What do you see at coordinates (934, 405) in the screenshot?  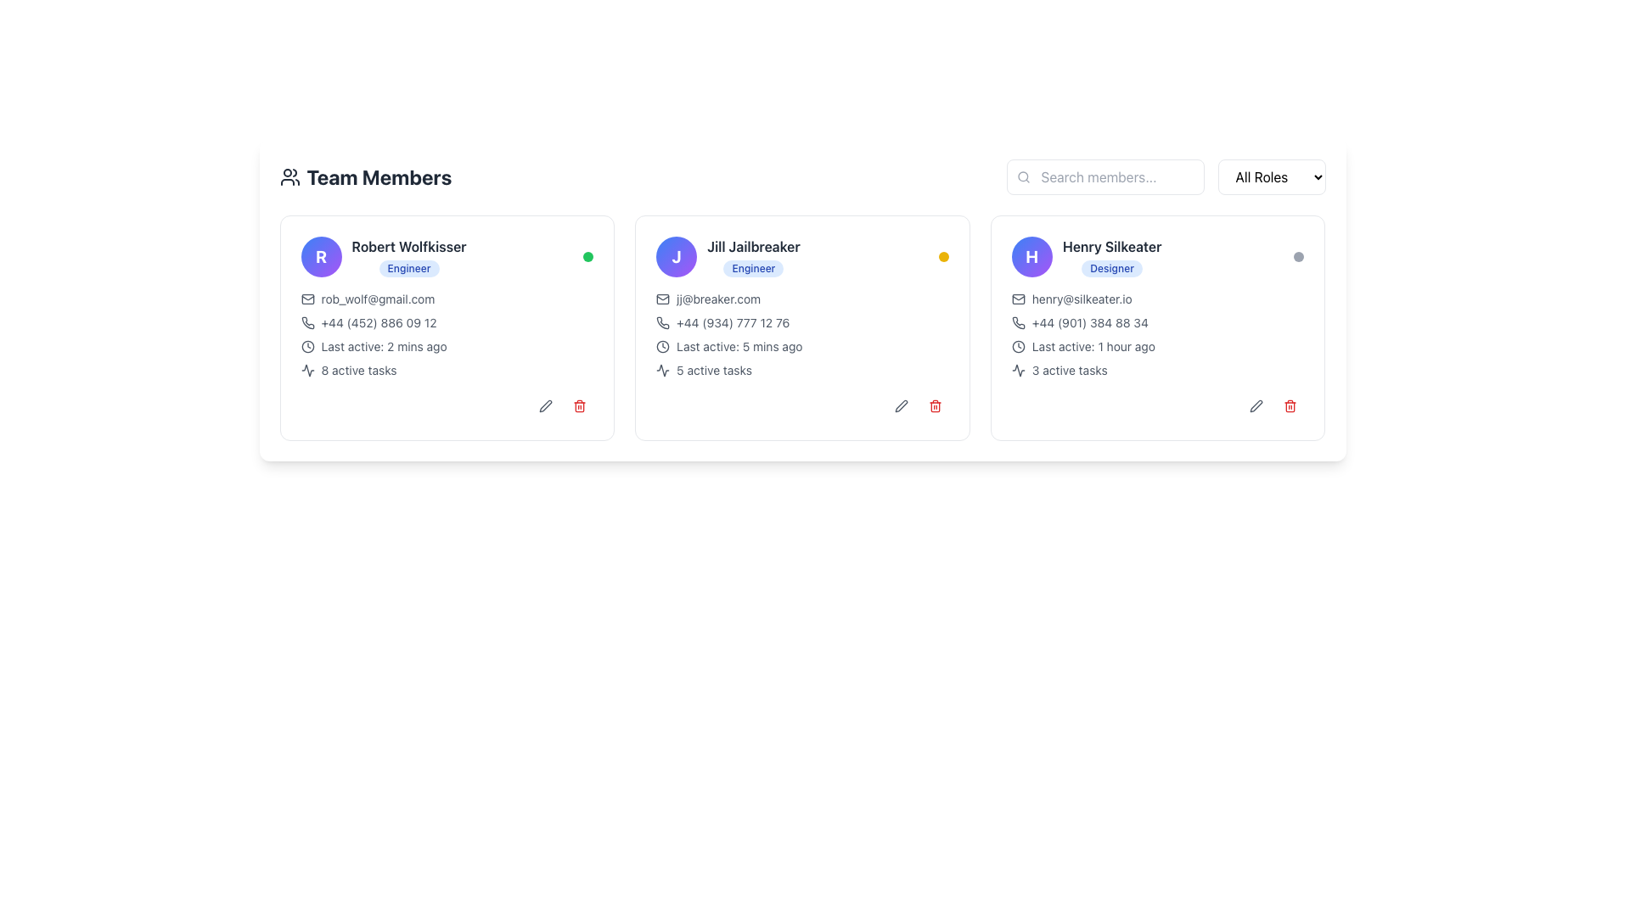 I see `the delete button located at the bottom-right corner of the team member's card` at bounding box center [934, 405].